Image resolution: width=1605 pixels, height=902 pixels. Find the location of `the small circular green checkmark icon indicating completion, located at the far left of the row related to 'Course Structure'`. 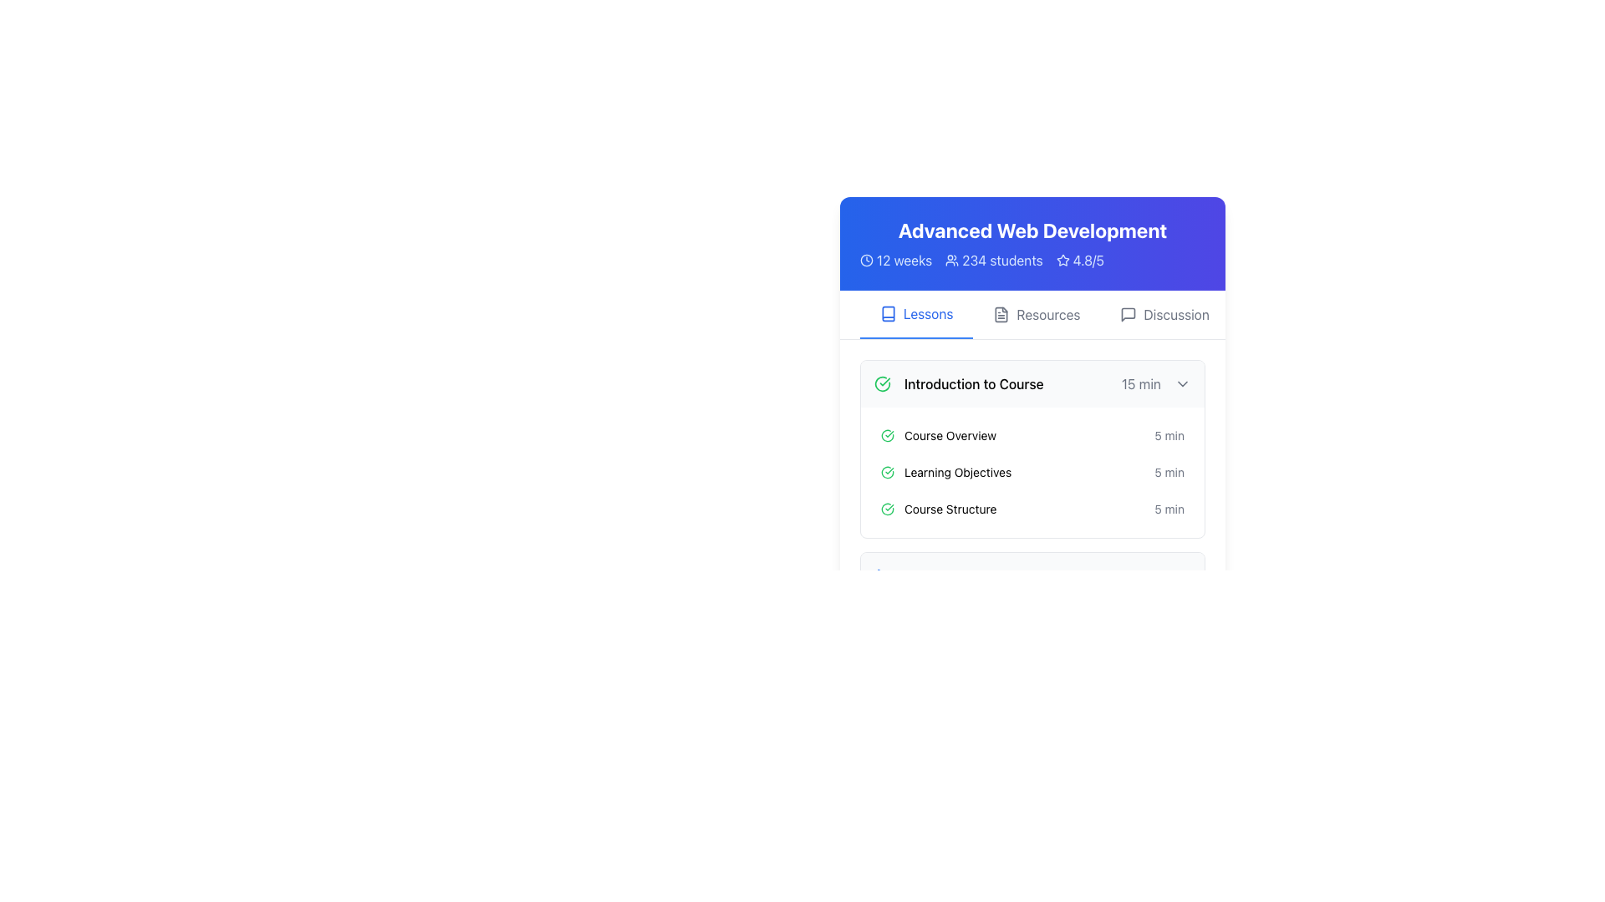

the small circular green checkmark icon indicating completion, located at the far left of the row related to 'Course Structure' is located at coordinates (886, 508).